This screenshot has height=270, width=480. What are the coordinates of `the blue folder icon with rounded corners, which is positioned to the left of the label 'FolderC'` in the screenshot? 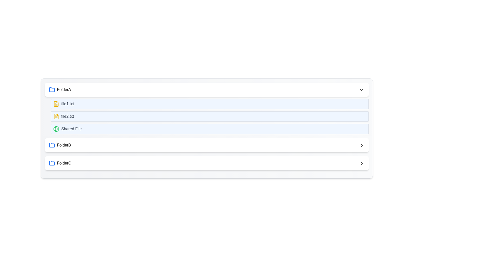 It's located at (52, 163).